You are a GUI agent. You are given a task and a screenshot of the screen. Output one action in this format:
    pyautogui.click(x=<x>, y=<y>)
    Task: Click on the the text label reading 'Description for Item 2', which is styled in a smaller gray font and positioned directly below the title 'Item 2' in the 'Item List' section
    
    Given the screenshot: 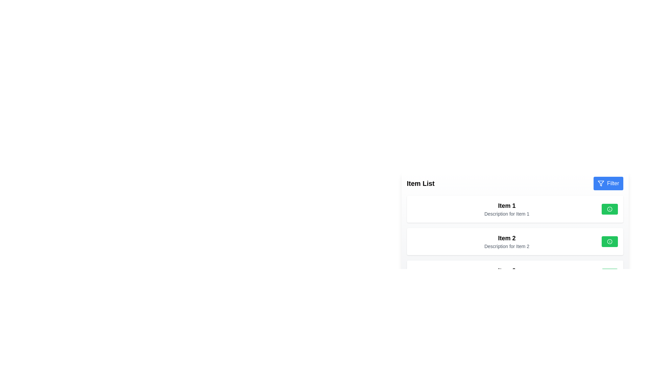 What is the action you would take?
    pyautogui.click(x=507, y=246)
    